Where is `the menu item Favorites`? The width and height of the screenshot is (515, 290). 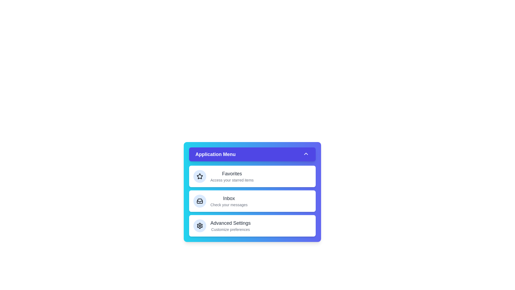 the menu item Favorites is located at coordinates (252, 176).